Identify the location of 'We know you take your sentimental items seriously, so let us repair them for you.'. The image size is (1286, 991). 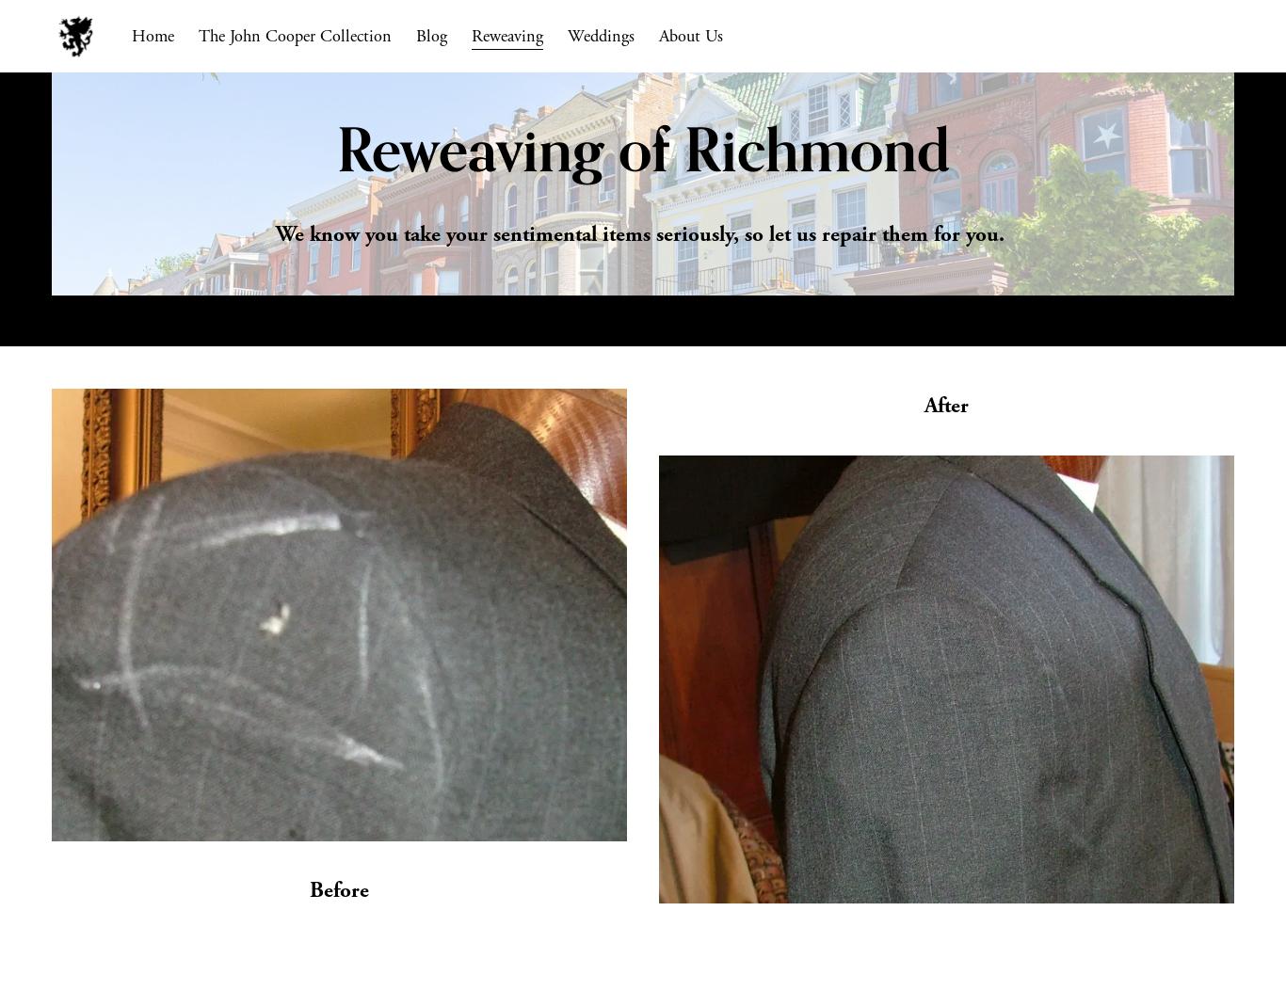
(643, 233).